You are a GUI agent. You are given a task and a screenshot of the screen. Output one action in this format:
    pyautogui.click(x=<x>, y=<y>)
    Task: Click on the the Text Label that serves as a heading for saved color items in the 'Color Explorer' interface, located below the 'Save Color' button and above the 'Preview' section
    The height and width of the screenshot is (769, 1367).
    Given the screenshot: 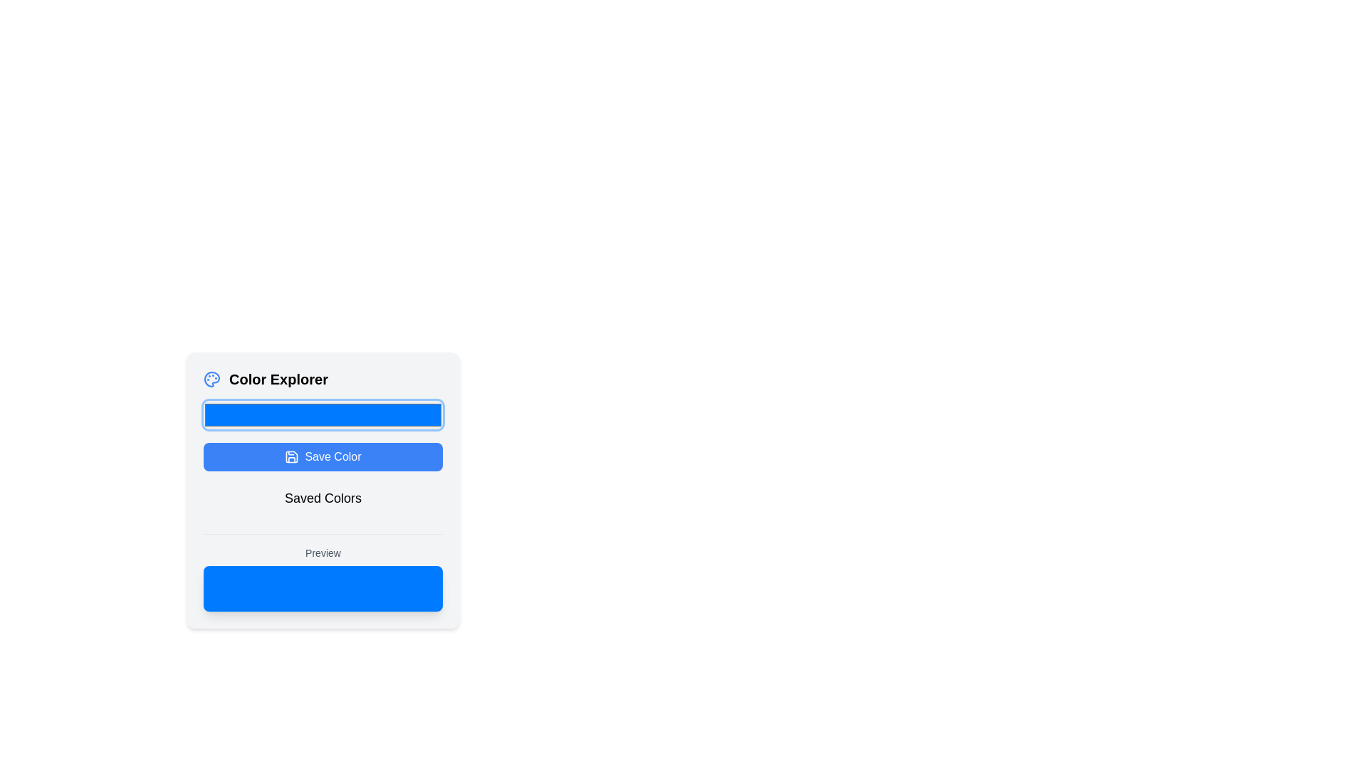 What is the action you would take?
    pyautogui.click(x=323, y=501)
    